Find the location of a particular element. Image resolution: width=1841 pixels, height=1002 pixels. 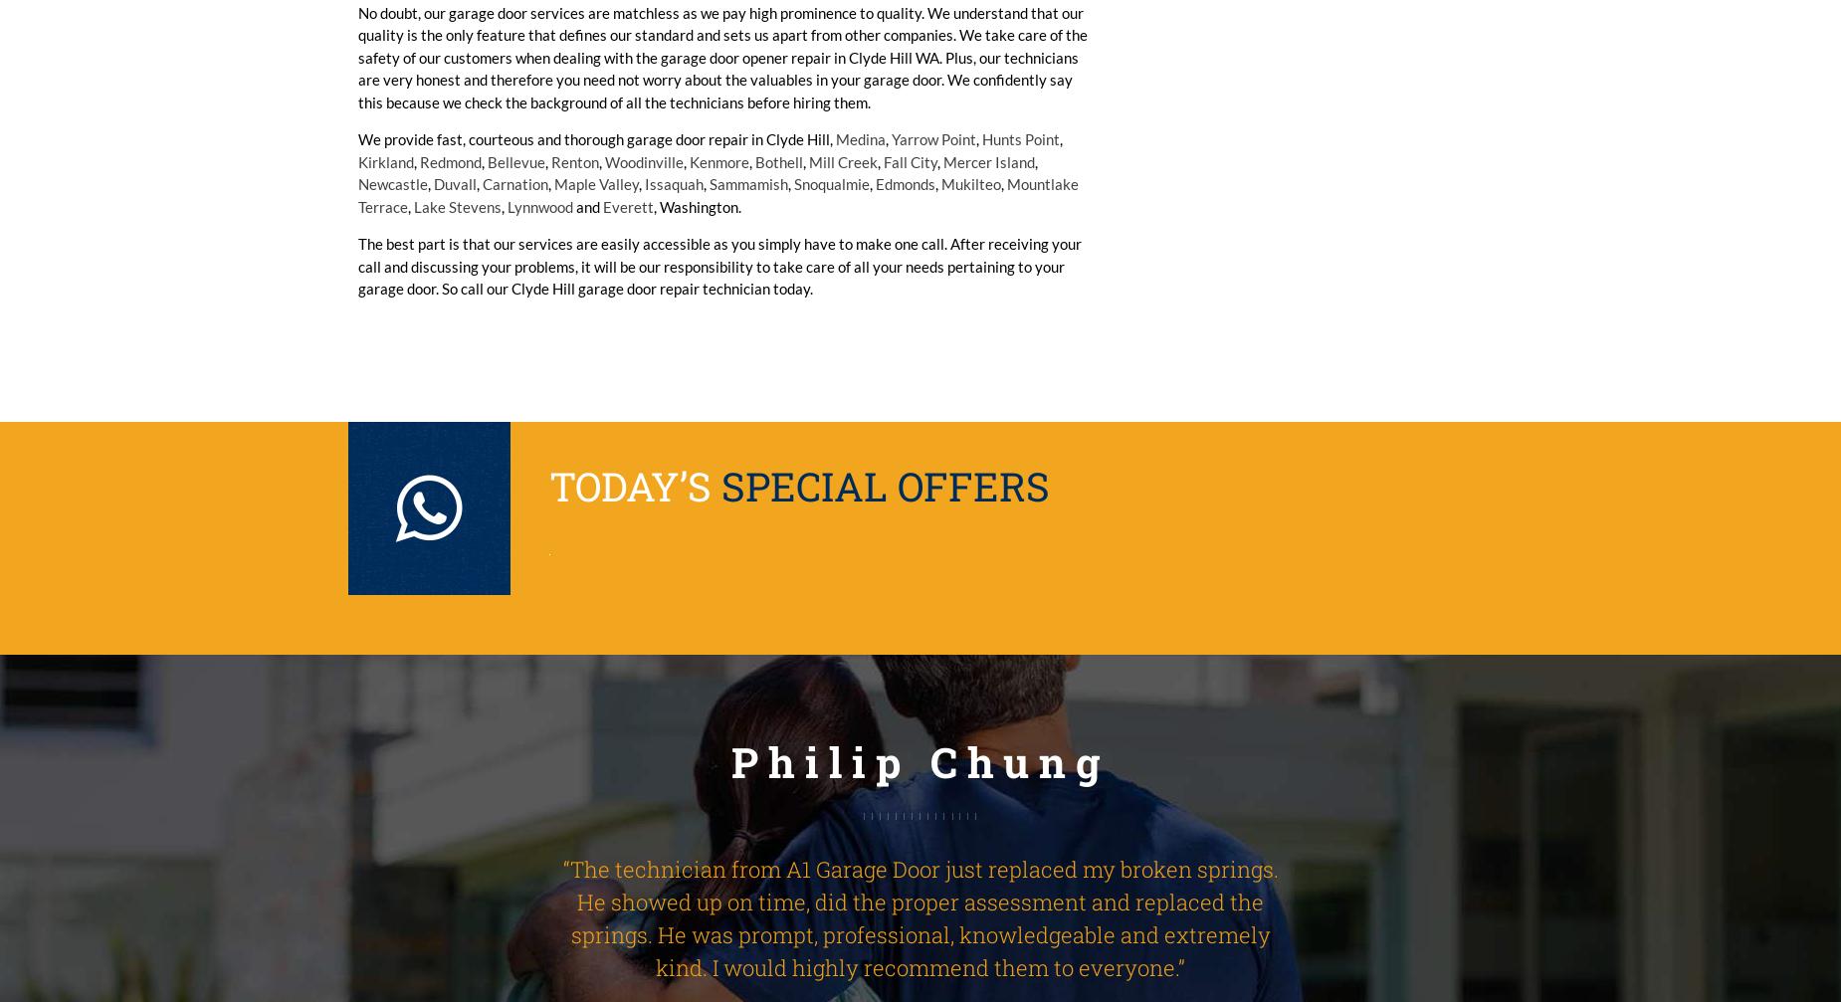

'Sammamish' is located at coordinates (748, 183).